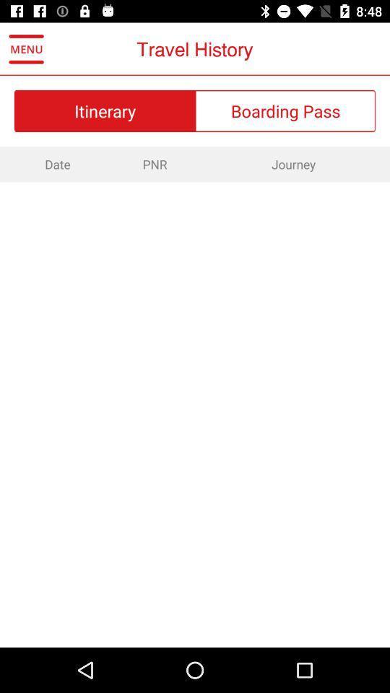 Image resolution: width=390 pixels, height=693 pixels. I want to click on date item, so click(55, 164).